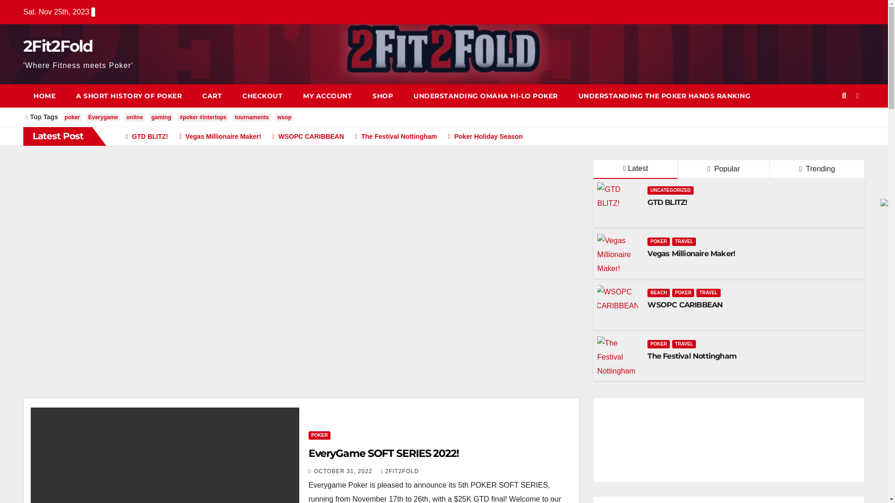  Describe the element at coordinates (309, 435) in the screenshot. I see `'POKER'` at that location.